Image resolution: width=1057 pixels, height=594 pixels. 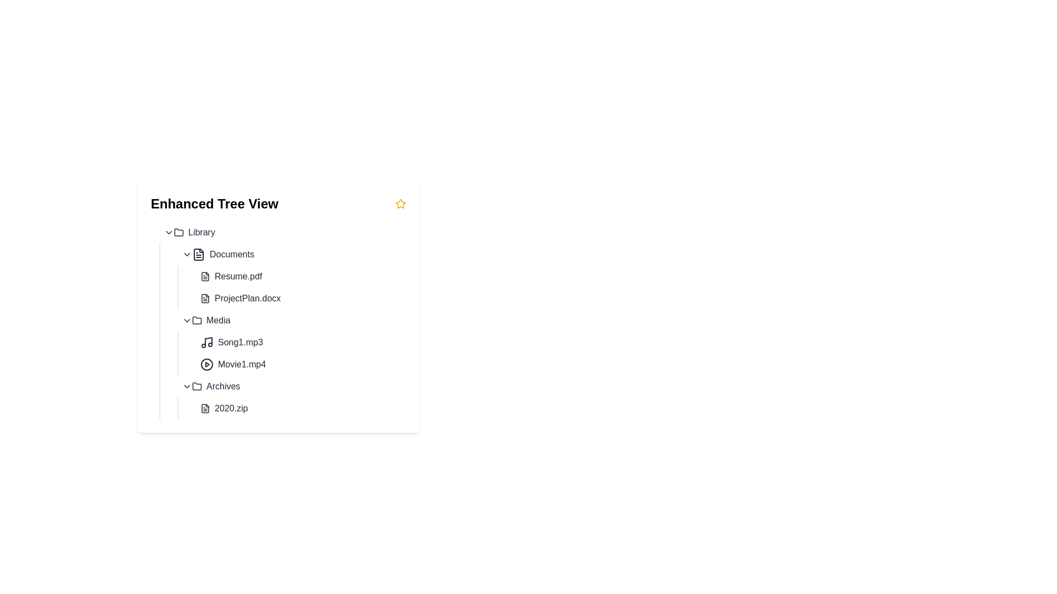 What do you see at coordinates (206, 365) in the screenshot?
I see `the circular play button associated with the file 'Movie1.mp4' to play or preview the media` at bounding box center [206, 365].